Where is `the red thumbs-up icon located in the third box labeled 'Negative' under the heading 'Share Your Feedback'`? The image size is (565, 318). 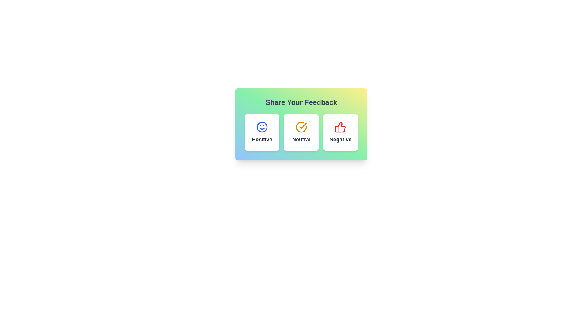 the red thumbs-up icon located in the third box labeled 'Negative' under the heading 'Share Your Feedback' is located at coordinates (340, 127).